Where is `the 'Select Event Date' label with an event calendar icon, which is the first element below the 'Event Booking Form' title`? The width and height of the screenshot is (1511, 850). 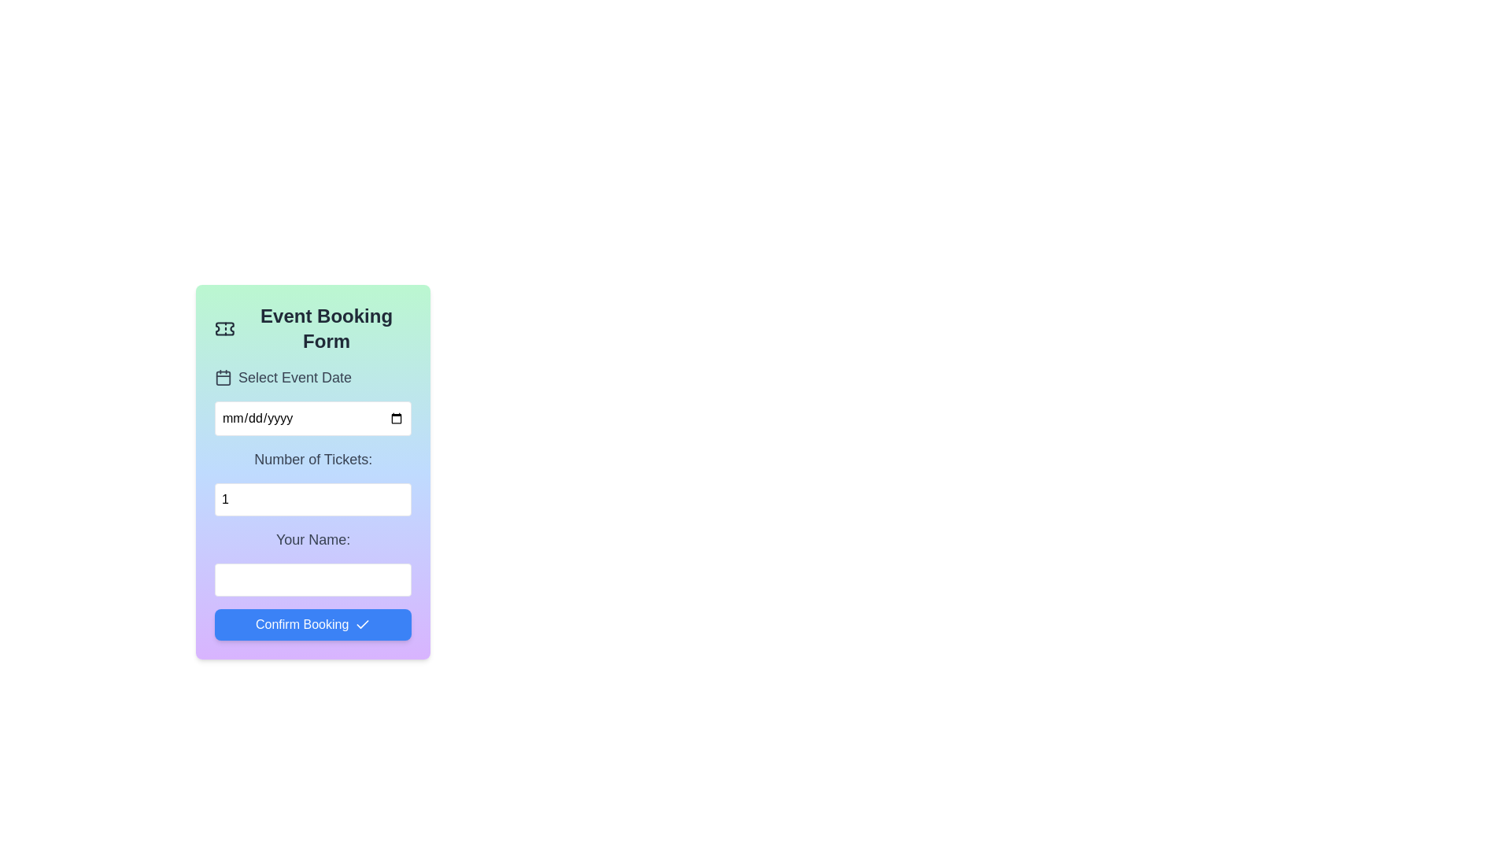
the 'Select Event Date' label with an event calendar icon, which is the first element below the 'Event Booking Form' title is located at coordinates (313, 377).